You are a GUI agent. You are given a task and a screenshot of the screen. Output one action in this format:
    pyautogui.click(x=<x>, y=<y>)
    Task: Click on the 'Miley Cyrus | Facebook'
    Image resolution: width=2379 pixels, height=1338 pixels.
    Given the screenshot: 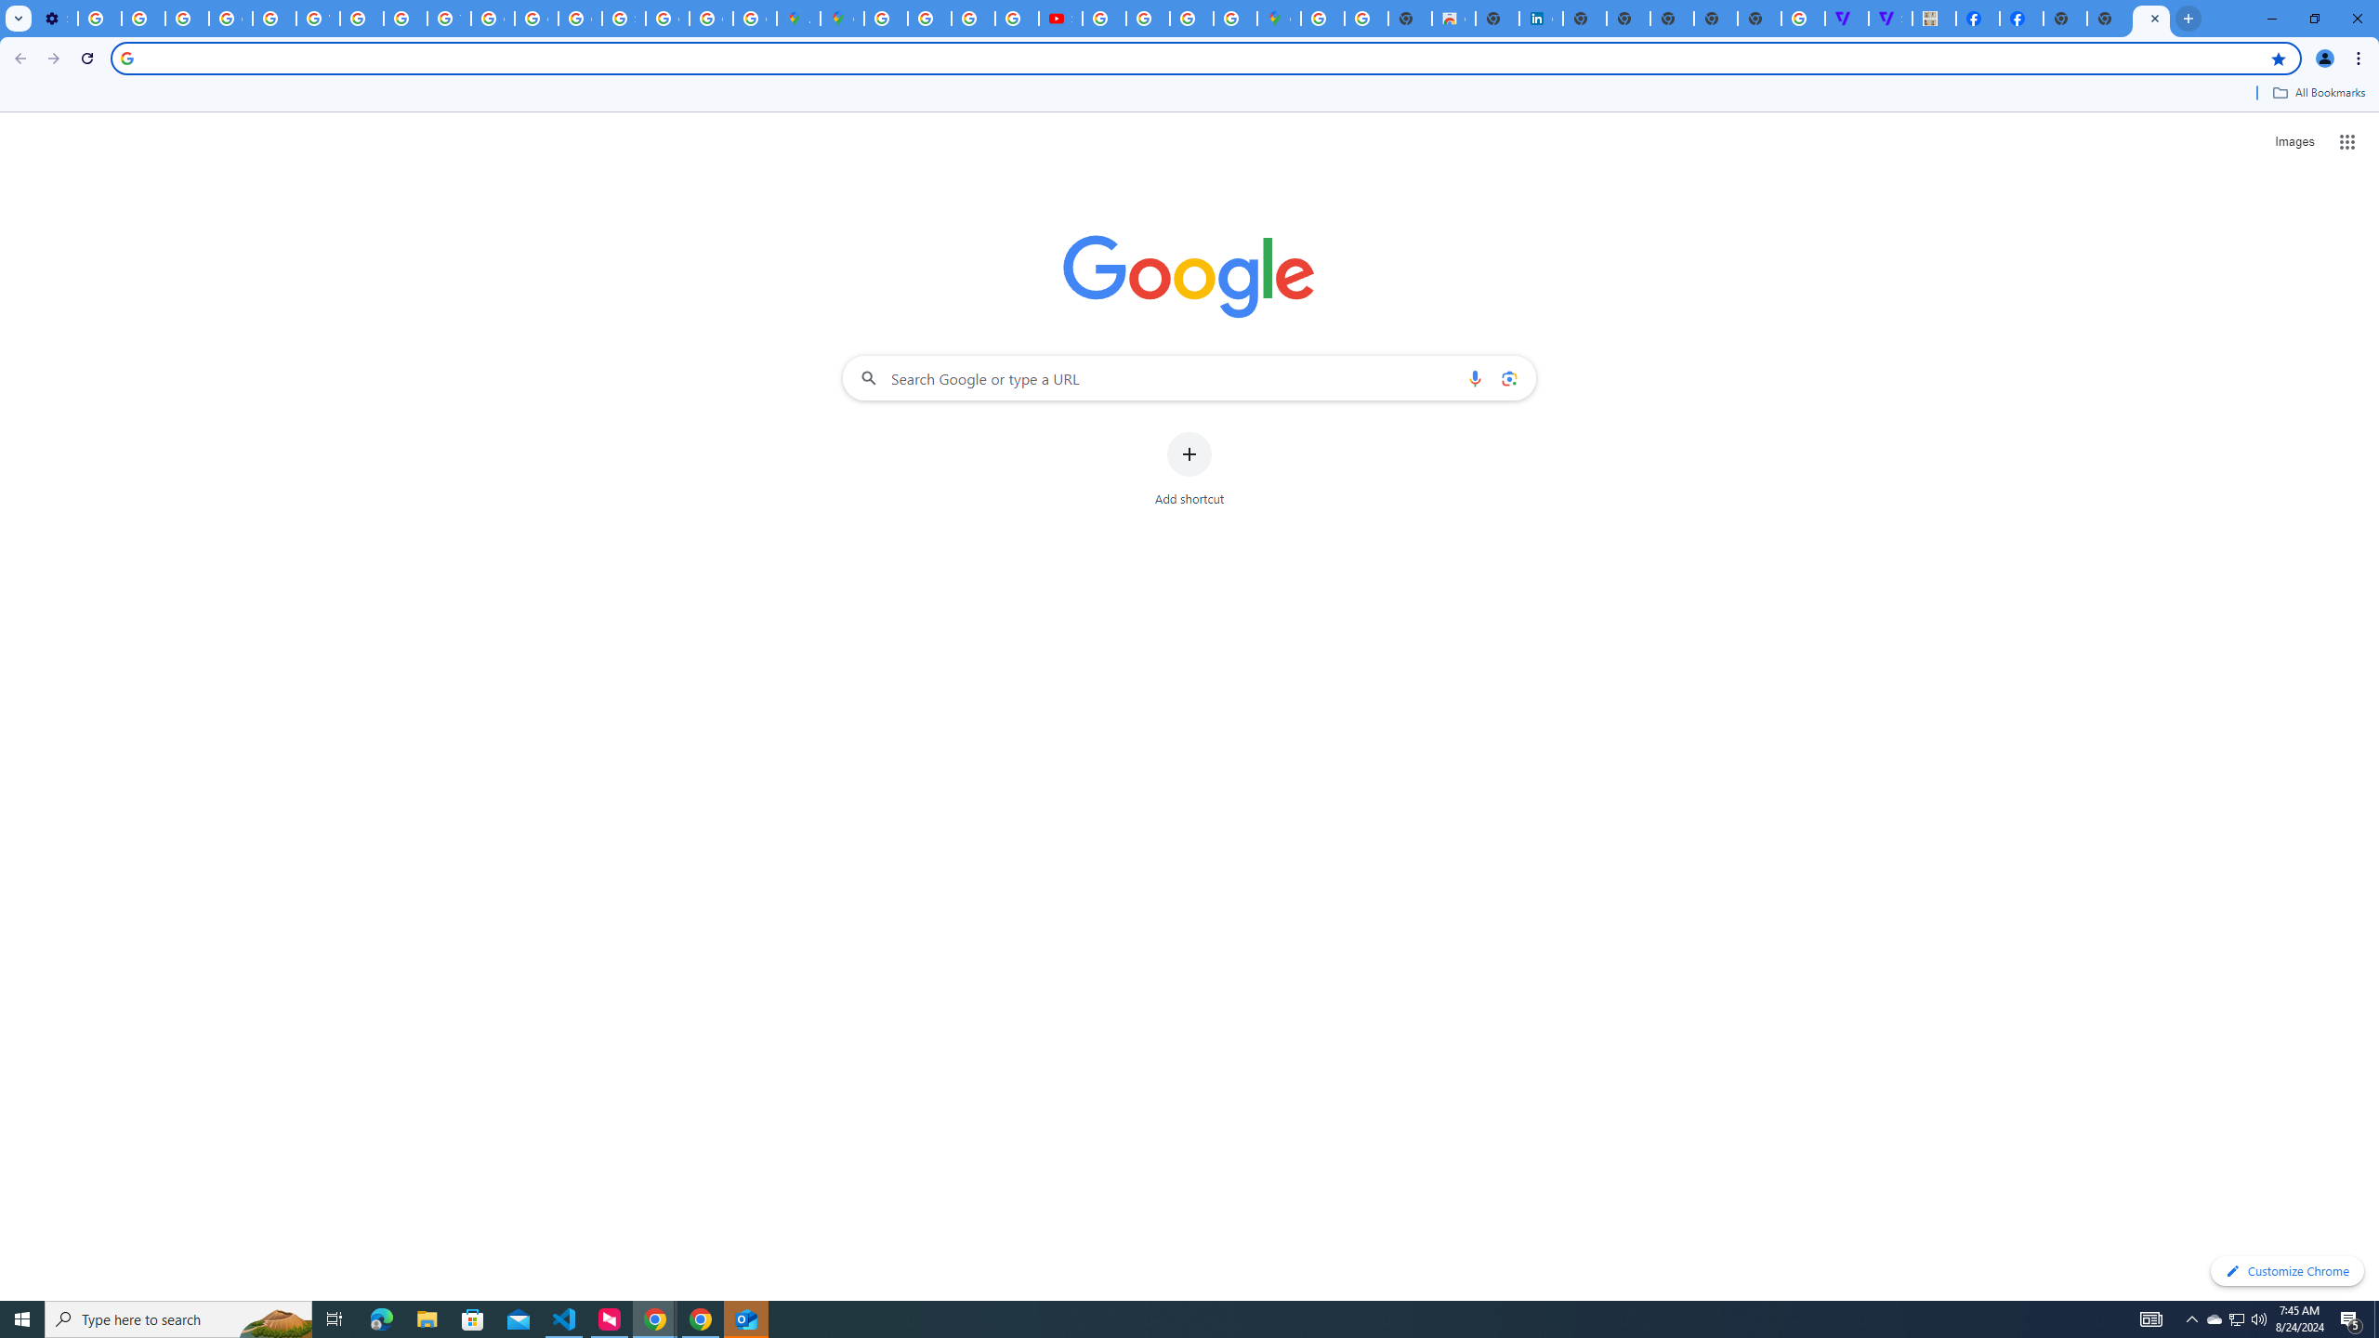 What is the action you would take?
    pyautogui.click(x=1977, y=18)
    